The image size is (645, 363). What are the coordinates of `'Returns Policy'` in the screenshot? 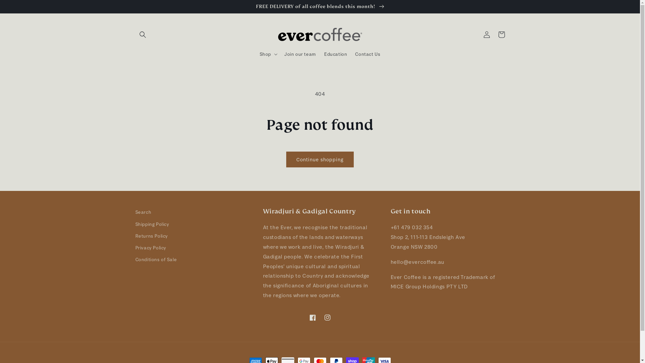 It's located at (151, 236).